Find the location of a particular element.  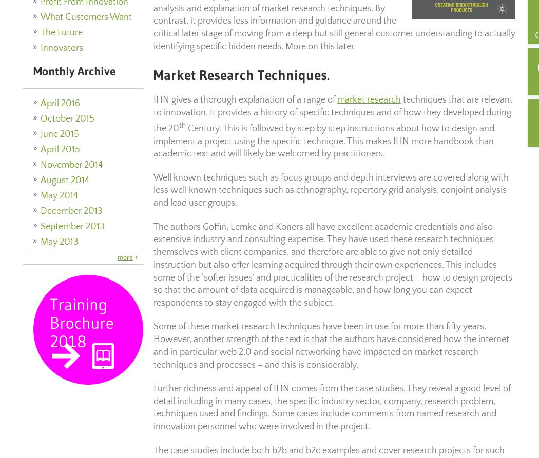

'The Future' is located at coordinates (61, 32).